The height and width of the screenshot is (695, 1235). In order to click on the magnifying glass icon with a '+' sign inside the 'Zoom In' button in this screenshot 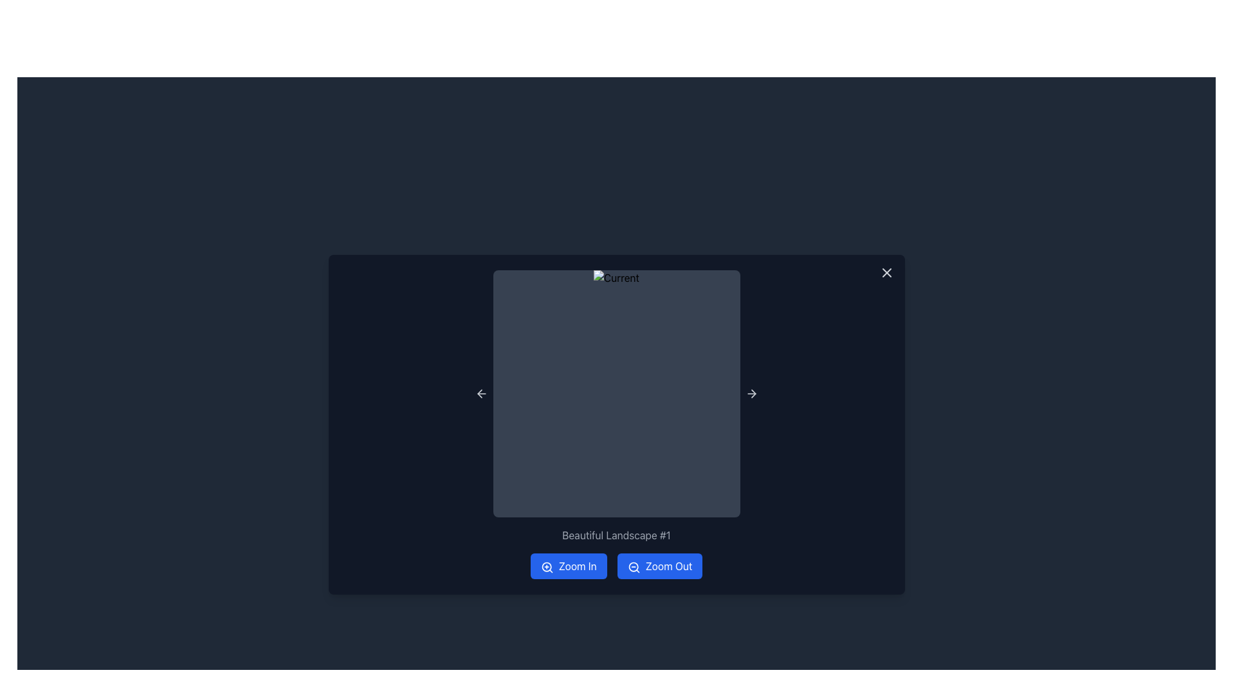, I will do `click(547, 566)`.